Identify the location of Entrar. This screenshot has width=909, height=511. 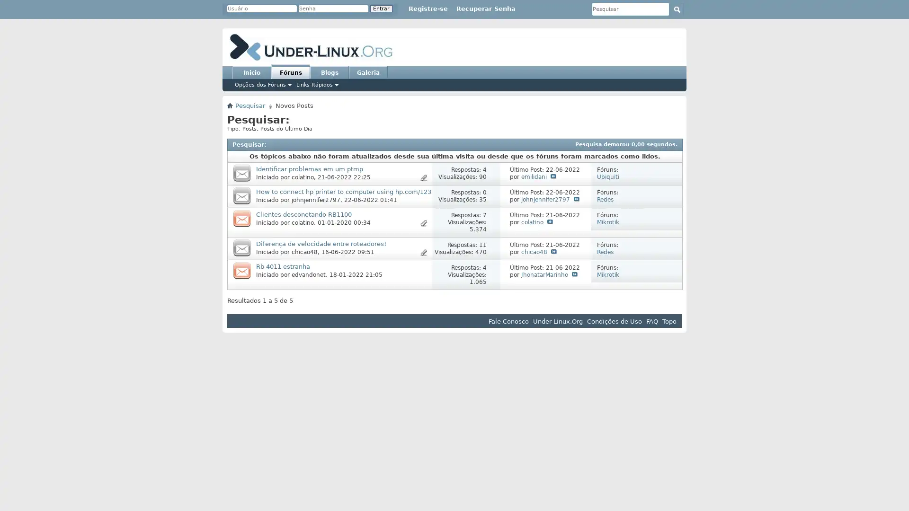
(381, 9).